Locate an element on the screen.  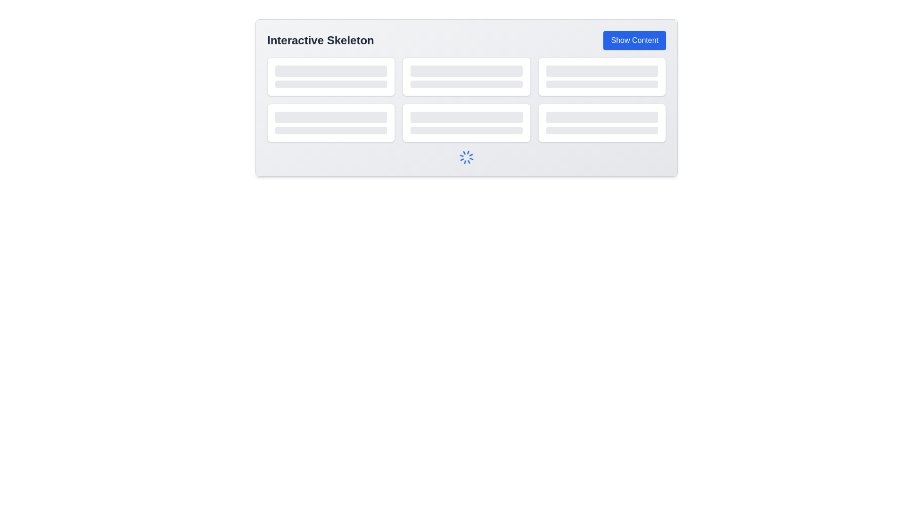
the static visual element or skeleton placeholder located at the bottom-right corner of the grouped rectangular boxes is located at coordinates (601, 117).